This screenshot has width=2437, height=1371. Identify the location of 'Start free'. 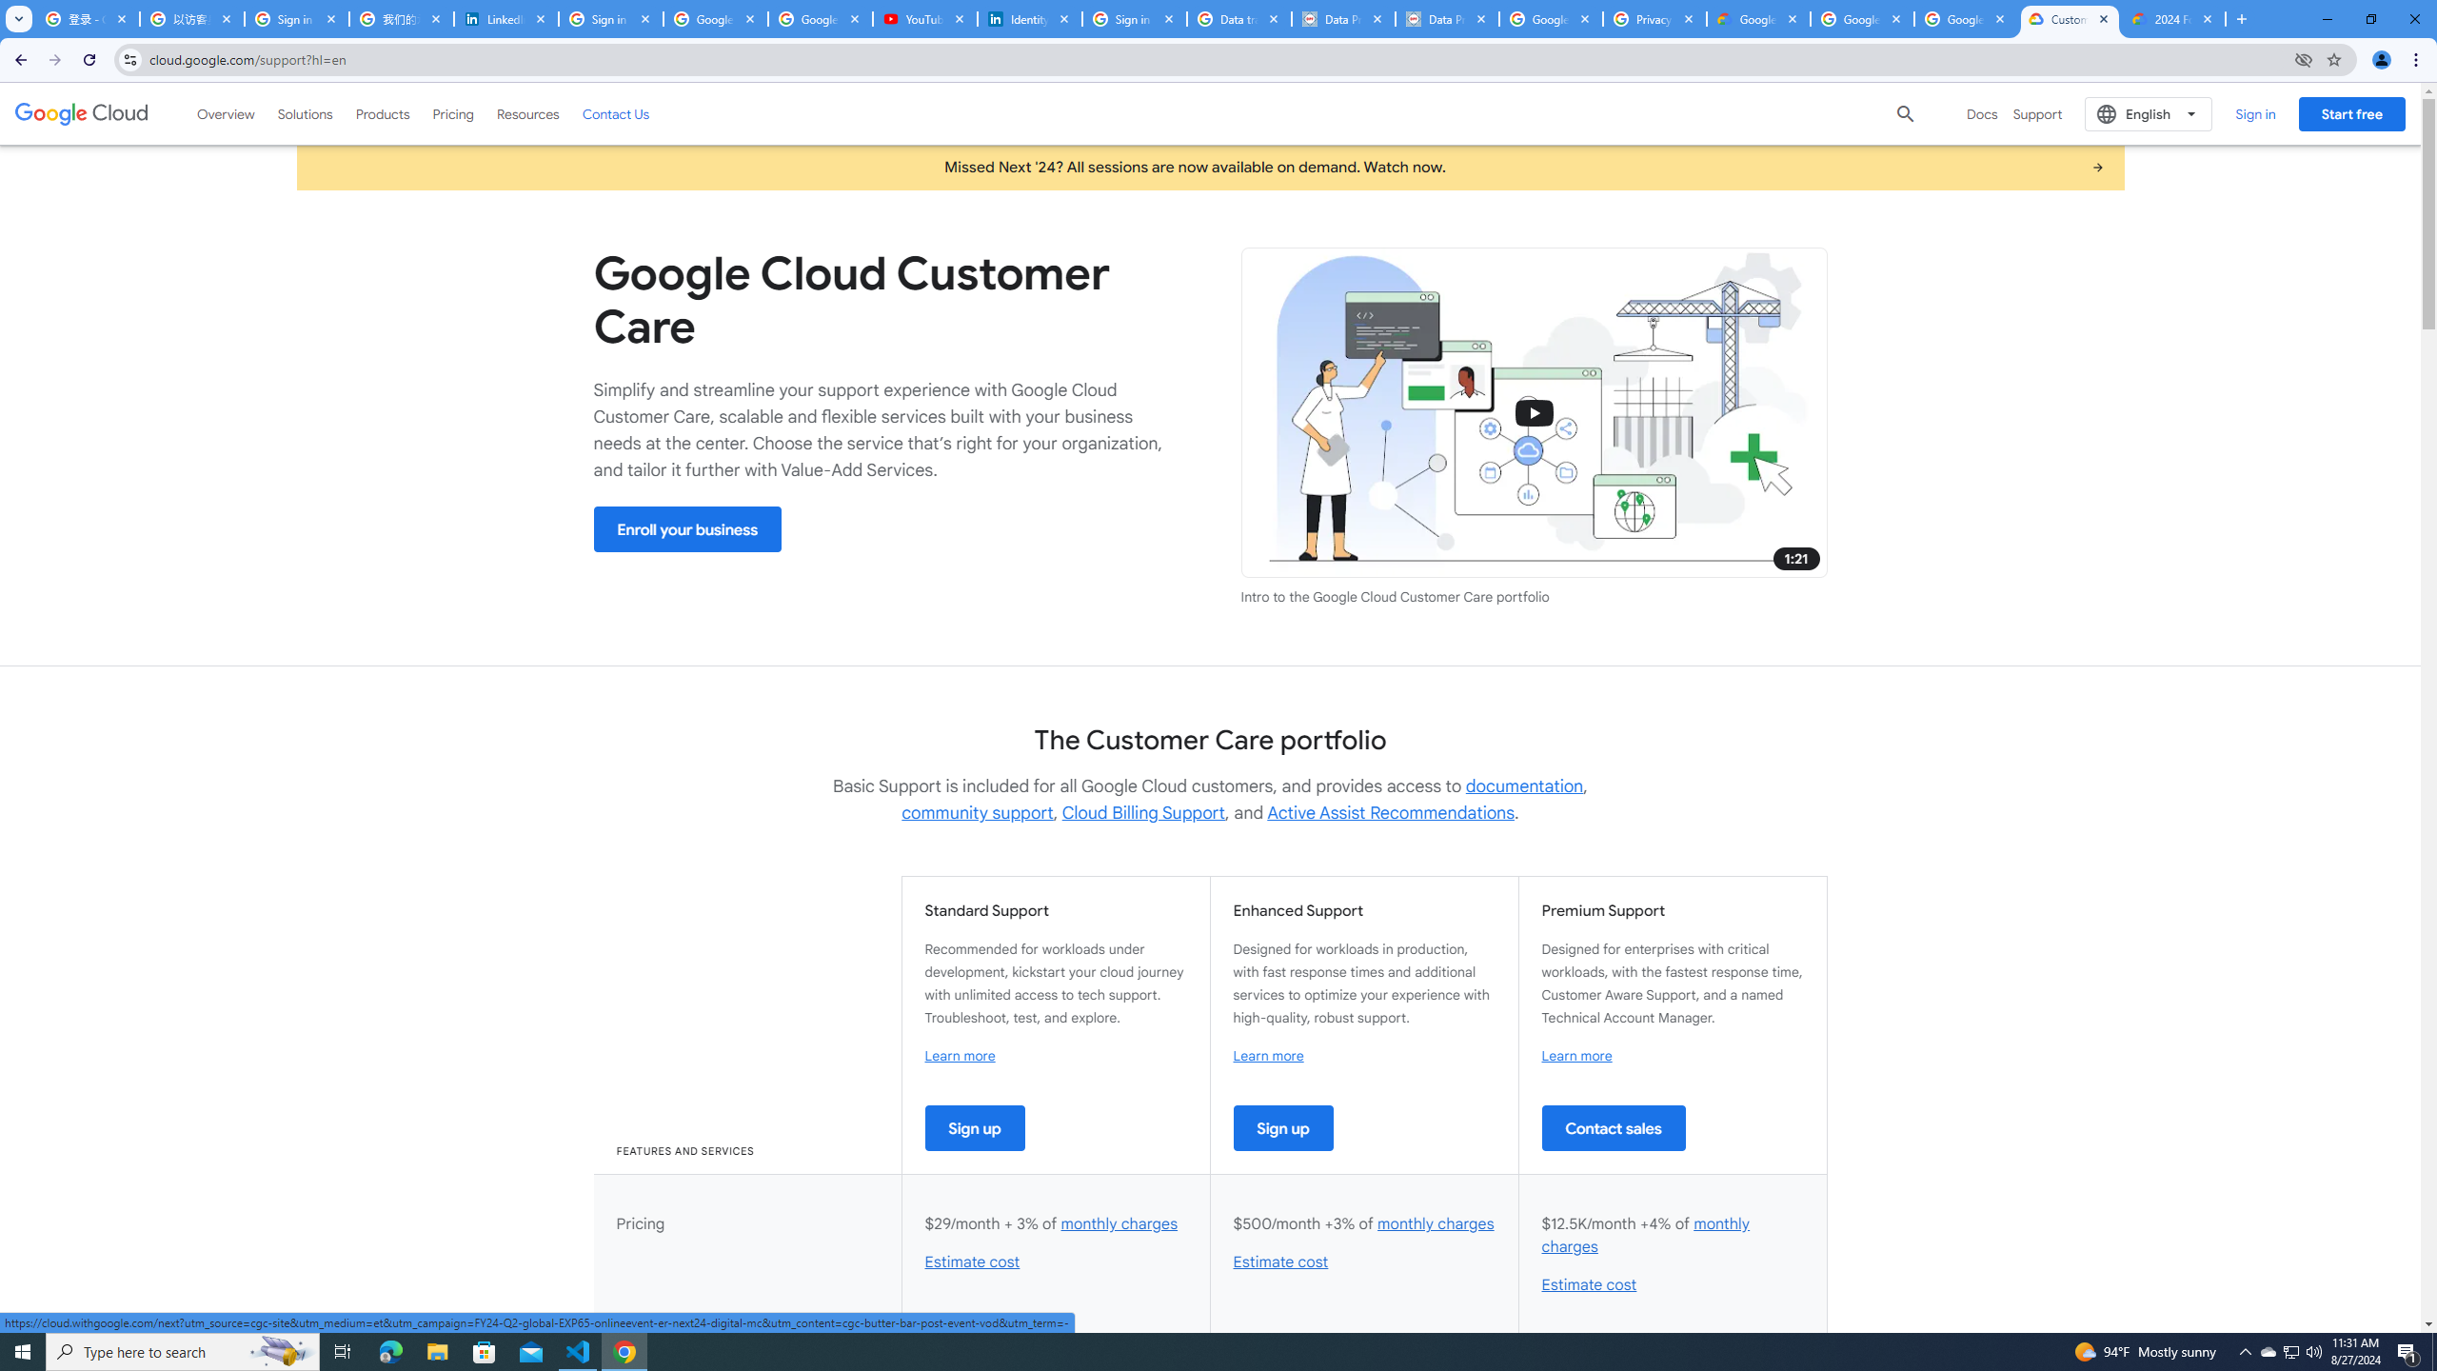
(2351, 112).